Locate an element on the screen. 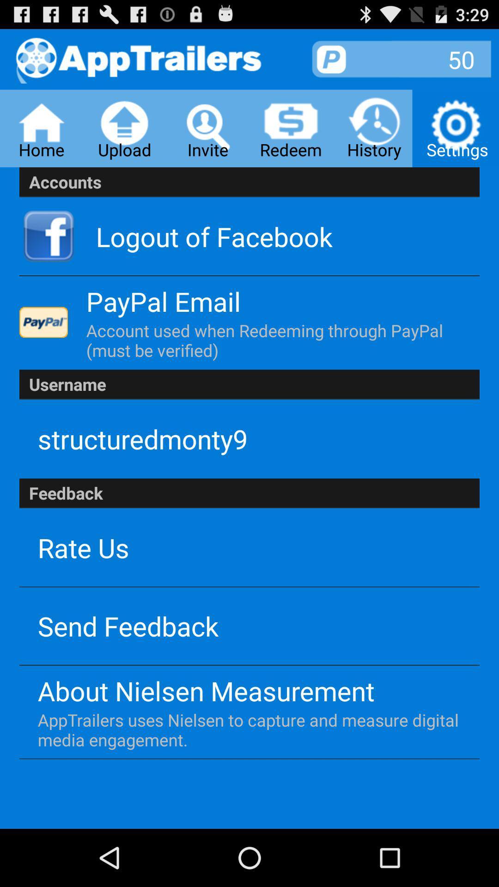 This screenshot has width=499, height=887. paypal email item is located at coordinates (163, 301).